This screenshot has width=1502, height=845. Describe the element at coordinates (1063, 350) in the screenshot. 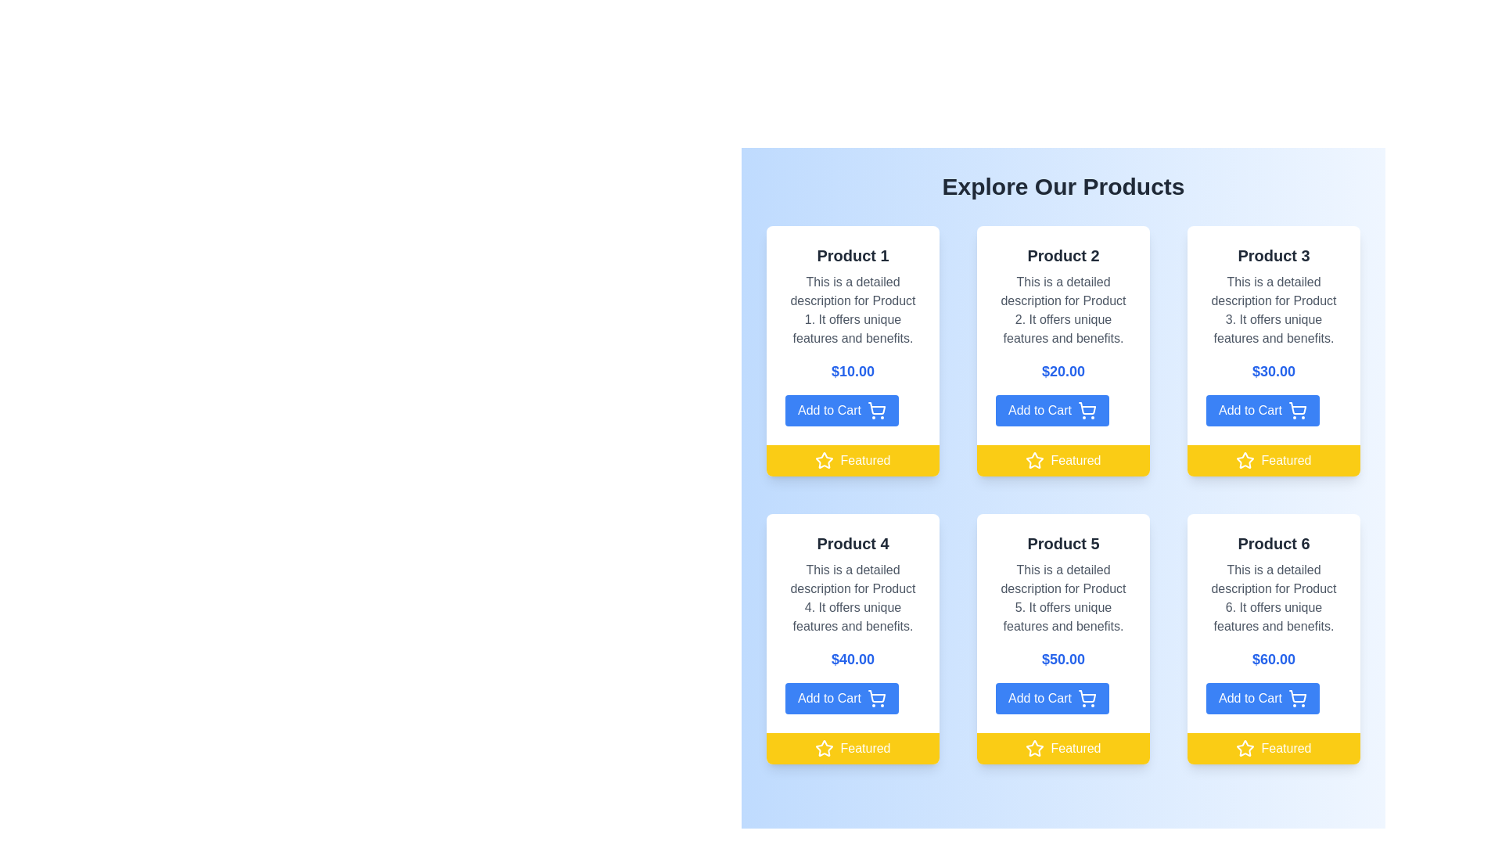

I see `product details from the product card component located between 'Product 1' and 'Product 3' in the grid layout` at that location.